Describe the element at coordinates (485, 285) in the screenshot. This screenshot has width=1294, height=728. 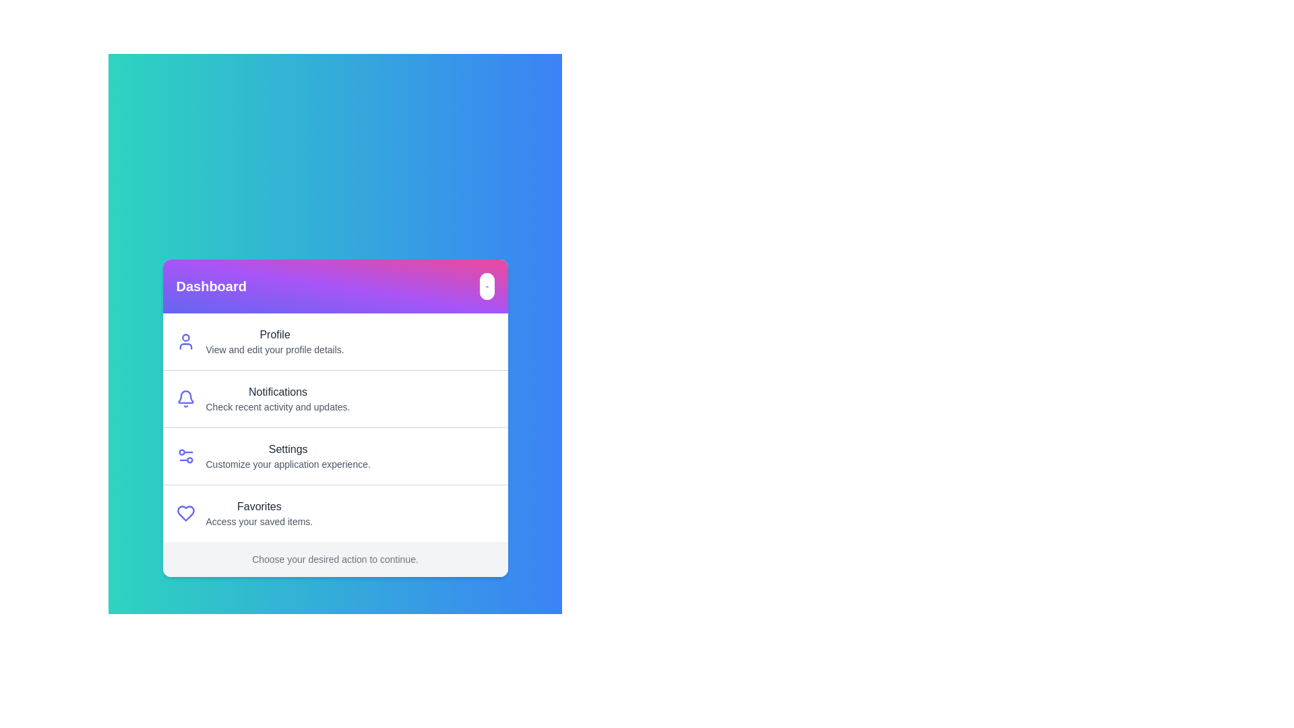
I see `the toggle button in the header to toggle the menu open or closed` at that location.